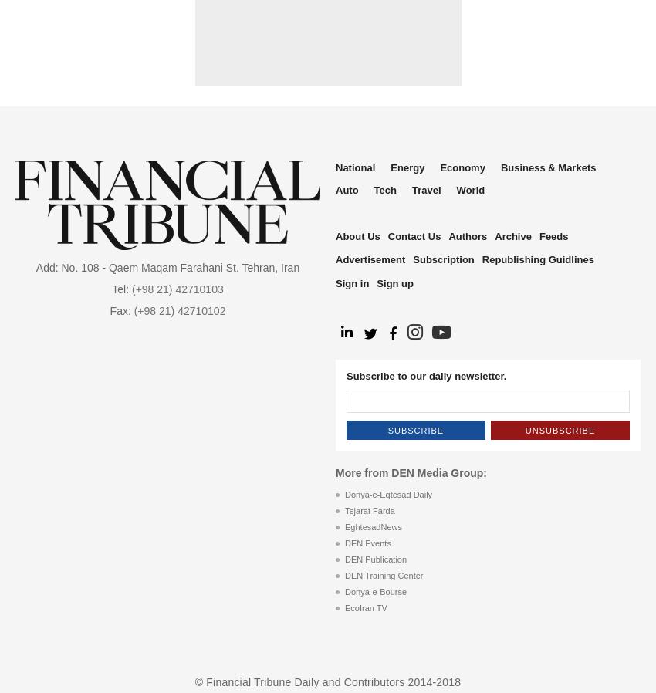 The image size is (656, 693). I want to click on '© Financial Tribune Daily and Contributors 2014-2018', so click(327, 681).